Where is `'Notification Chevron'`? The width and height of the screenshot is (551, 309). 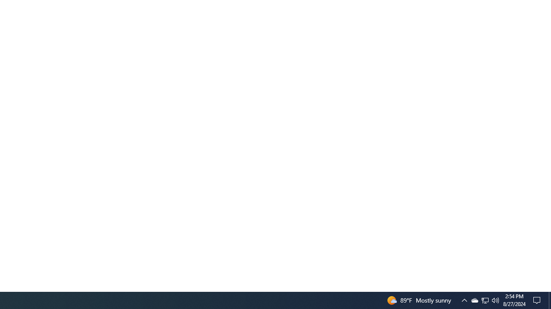 'Notification Chevron' is located at coordinates (485, 300).